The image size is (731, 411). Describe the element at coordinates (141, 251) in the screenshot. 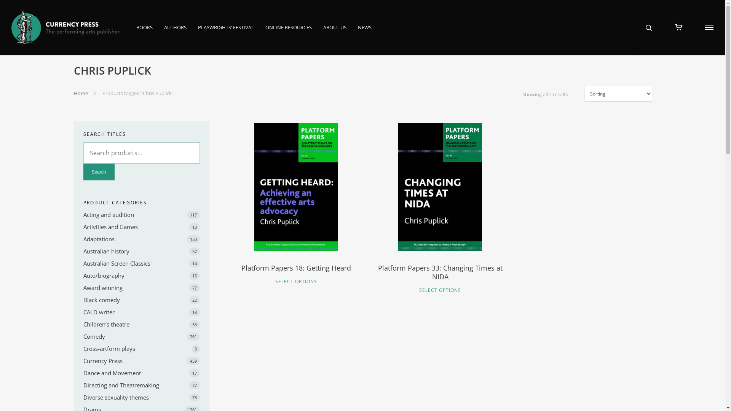

I see `'Australian history'` at that location.